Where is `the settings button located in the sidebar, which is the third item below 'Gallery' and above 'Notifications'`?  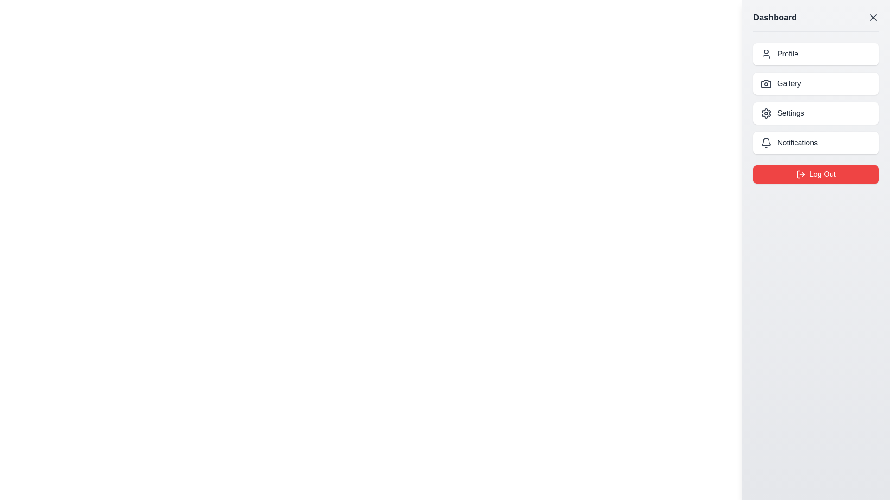 the settings button located in the sidebar, which is the third item below 'Gallery' and above 'Notifications' is located at coordinates (816, 113).